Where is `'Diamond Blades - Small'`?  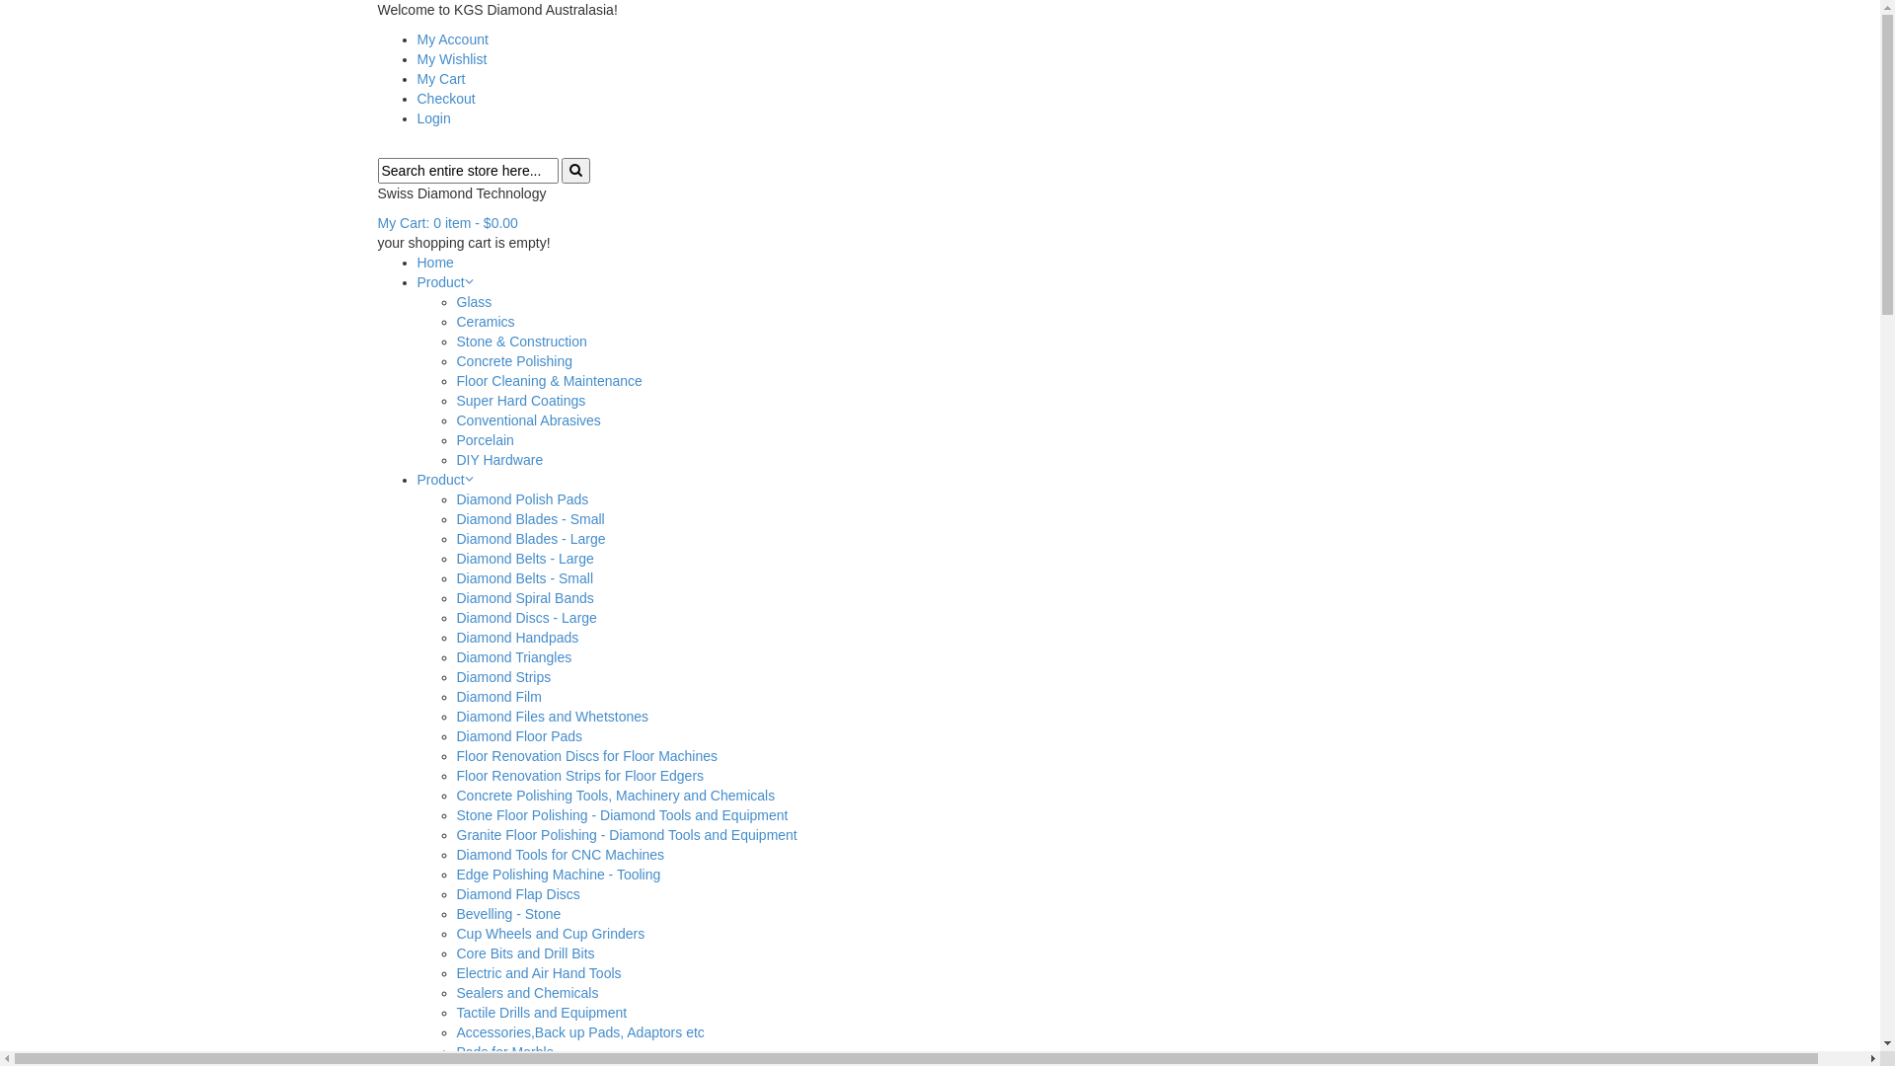
'Diamond Blades - Small' is located at coordinates (530, 517).